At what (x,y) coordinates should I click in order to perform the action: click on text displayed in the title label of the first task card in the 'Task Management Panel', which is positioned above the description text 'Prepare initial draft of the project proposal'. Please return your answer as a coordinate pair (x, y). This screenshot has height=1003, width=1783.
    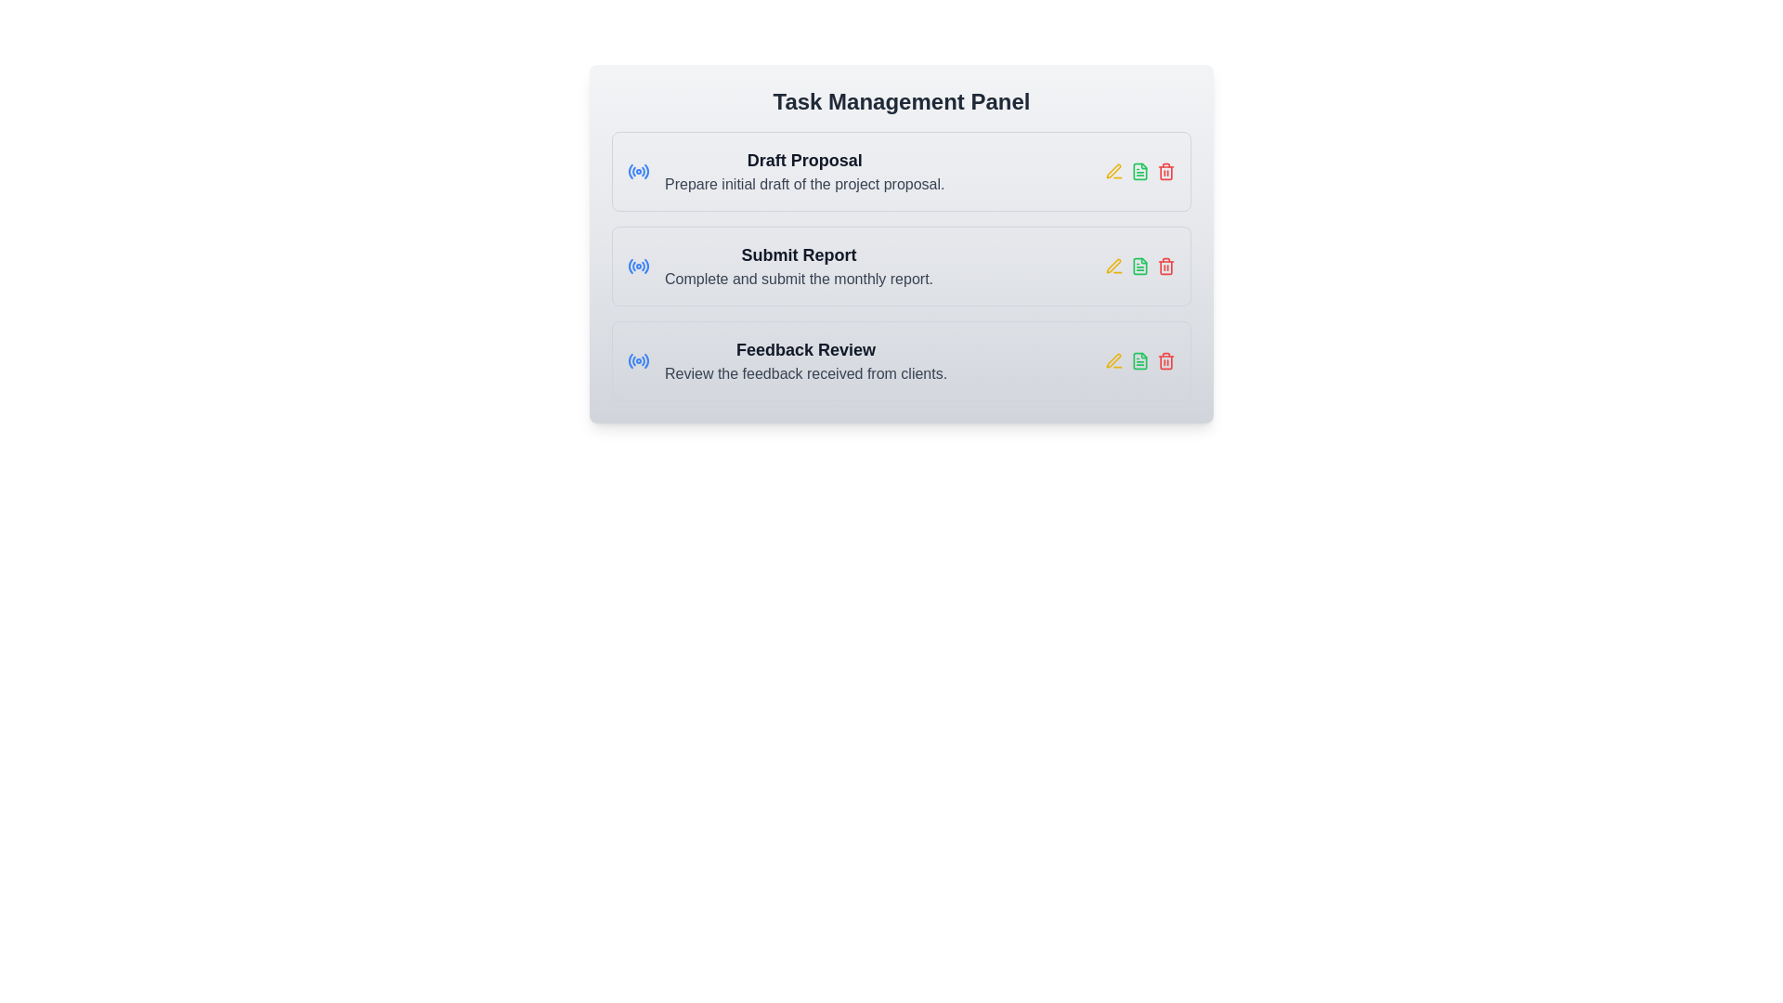
    Looking at the image, I should click on (804, 160).